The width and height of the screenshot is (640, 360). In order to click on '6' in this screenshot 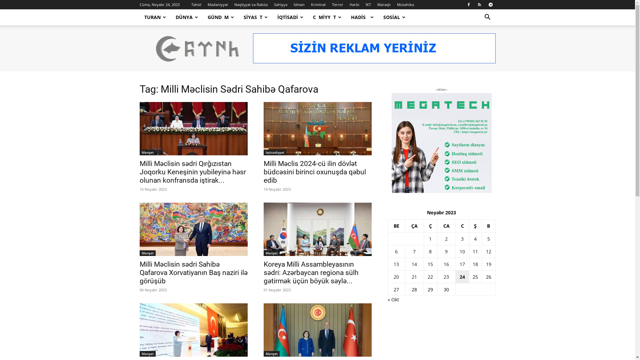, I will do `click(396, 251)`.